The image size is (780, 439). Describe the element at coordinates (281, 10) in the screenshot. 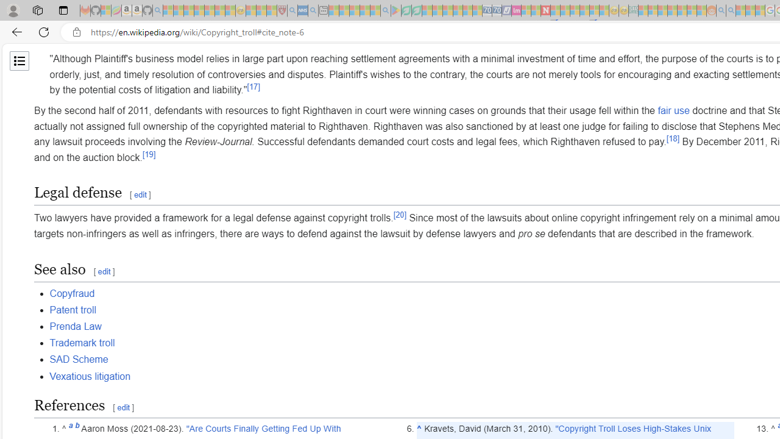

I see `'Robert H. Shmerling, MD - Harvard Health - Sleeping'` at that location.